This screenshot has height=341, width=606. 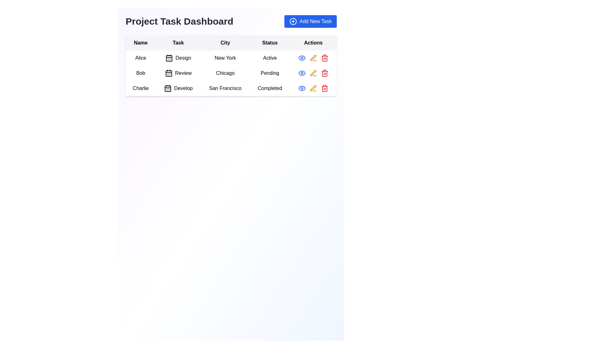 What do you see at coordinates (313, 88) in the screenshot?
I see `the grouped action buttons with icons in the last row of the table under the 'Actions' column` at bounding box center [313, 88].